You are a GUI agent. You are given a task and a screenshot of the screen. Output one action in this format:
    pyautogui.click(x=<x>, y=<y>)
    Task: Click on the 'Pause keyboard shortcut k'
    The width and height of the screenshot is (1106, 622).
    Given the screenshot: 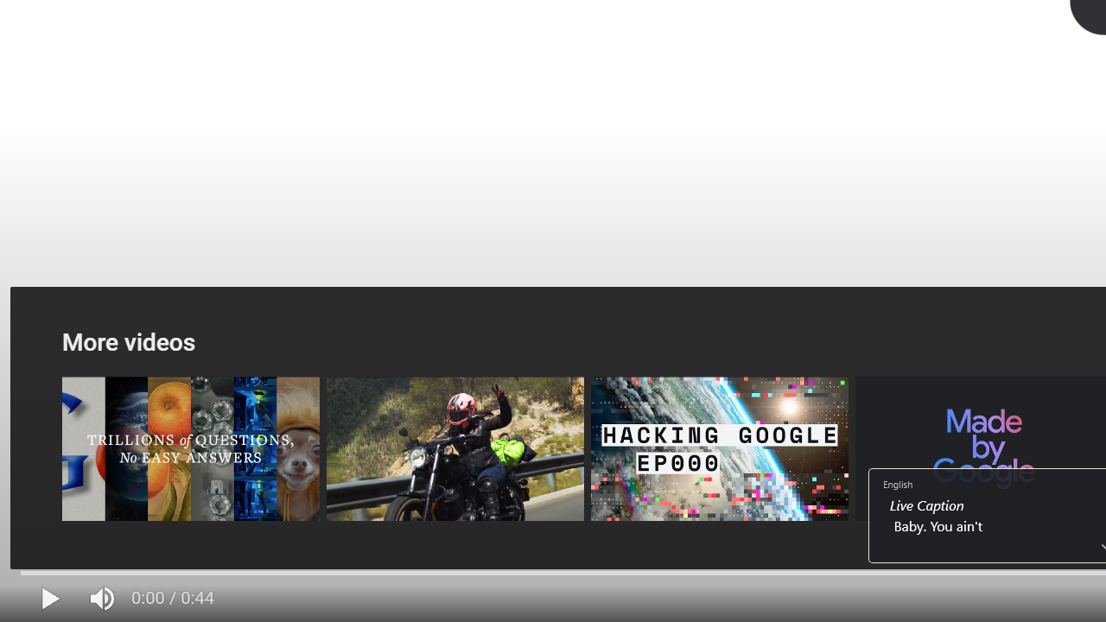 What is the action you would take?
    pyautogui.click(x=50, y=598)
    